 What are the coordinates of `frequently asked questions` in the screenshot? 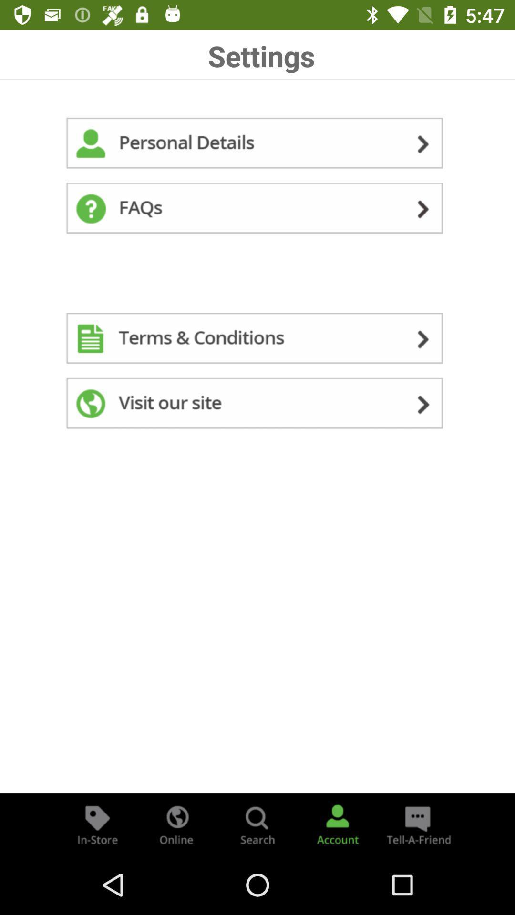 It's located at (257, 210).